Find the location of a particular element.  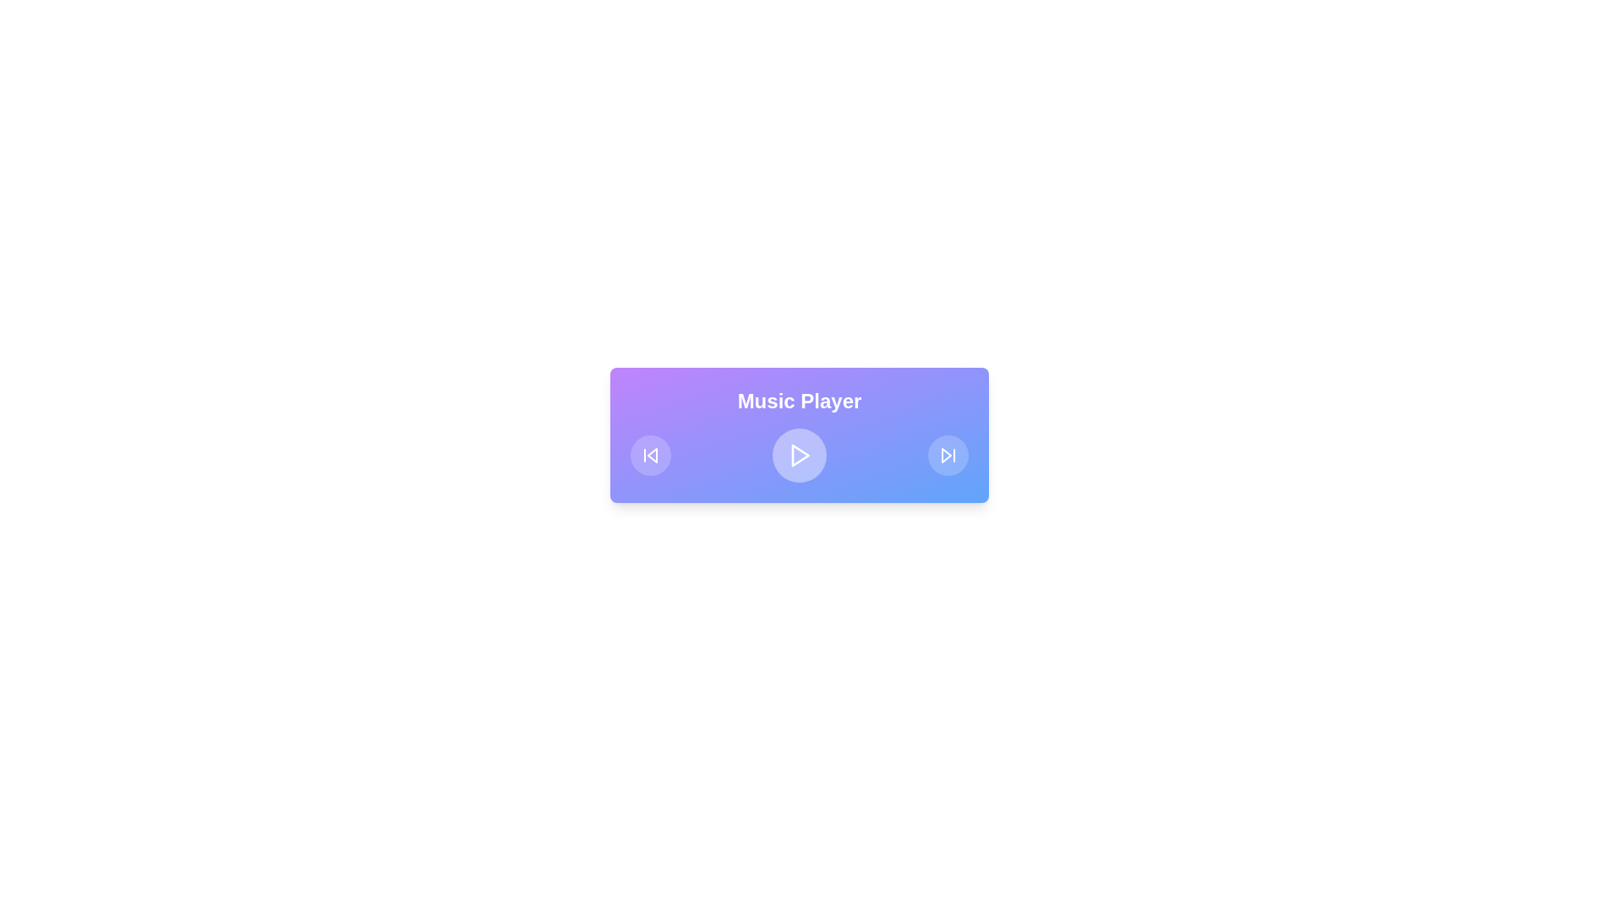

the circular 'skip forward' button with a blue background and white arrow symbol is located at coordinates (948, 455).